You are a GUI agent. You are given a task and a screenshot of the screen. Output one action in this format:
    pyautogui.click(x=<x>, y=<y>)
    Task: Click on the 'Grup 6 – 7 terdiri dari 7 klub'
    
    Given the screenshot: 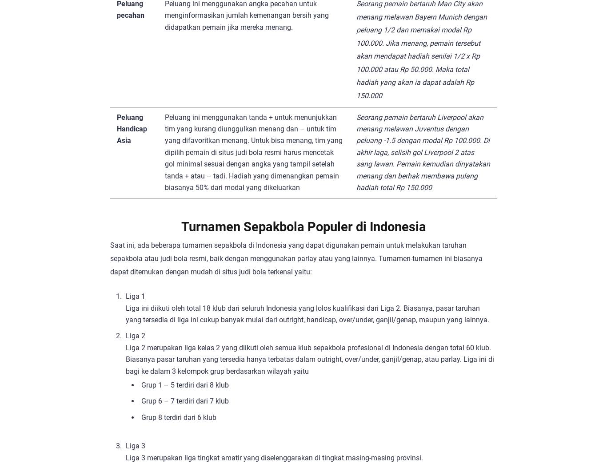 What is the action you would take?
    pyautogui.click(x=184, y=400)
    